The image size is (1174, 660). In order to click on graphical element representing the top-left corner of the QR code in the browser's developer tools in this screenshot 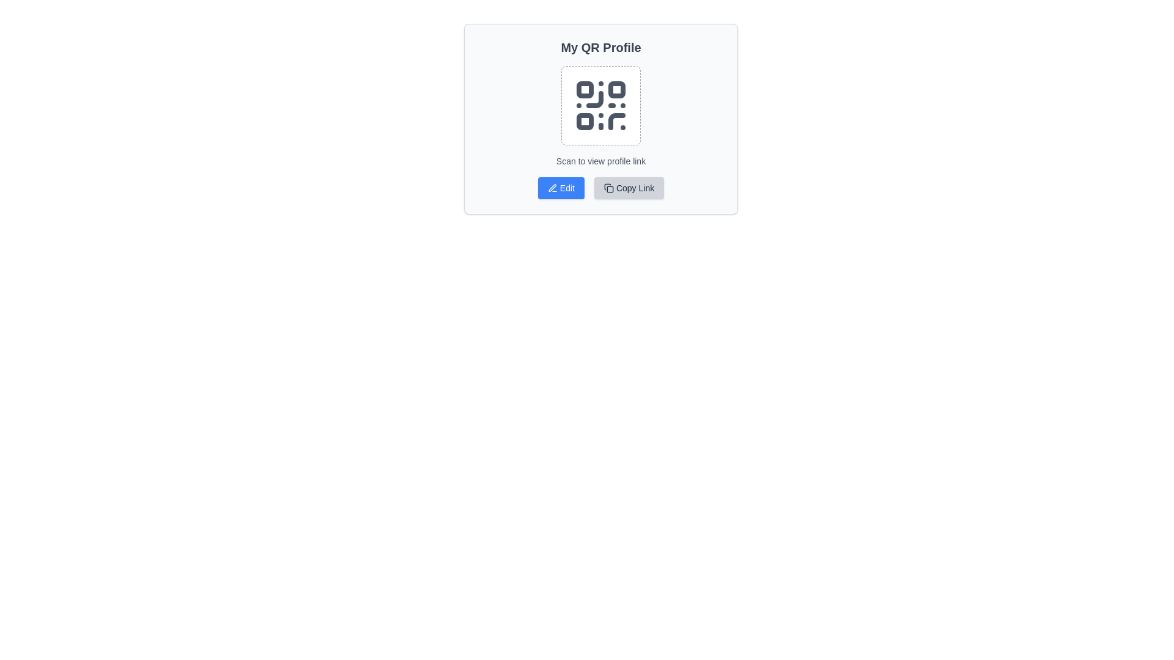, I will do `click(584, 89)`.